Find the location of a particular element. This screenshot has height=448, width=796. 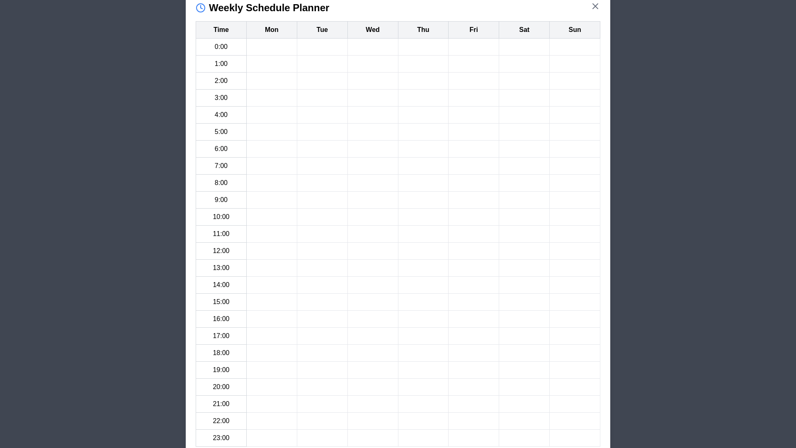

the table header to acknowledge the labels is located at coordinates (398, 29).